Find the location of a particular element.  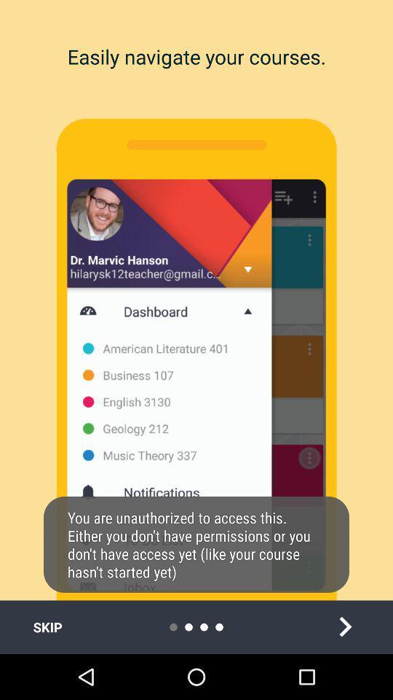

next is located at coordinates (344, 626).